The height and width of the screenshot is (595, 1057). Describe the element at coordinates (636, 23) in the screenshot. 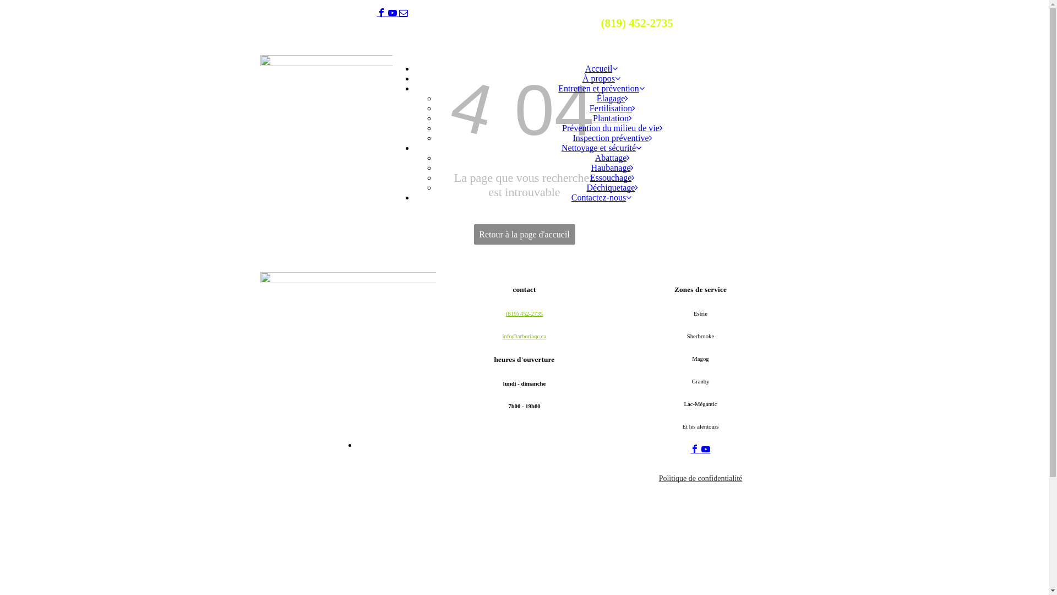

I see `'(819) 452-2735'` at that location.